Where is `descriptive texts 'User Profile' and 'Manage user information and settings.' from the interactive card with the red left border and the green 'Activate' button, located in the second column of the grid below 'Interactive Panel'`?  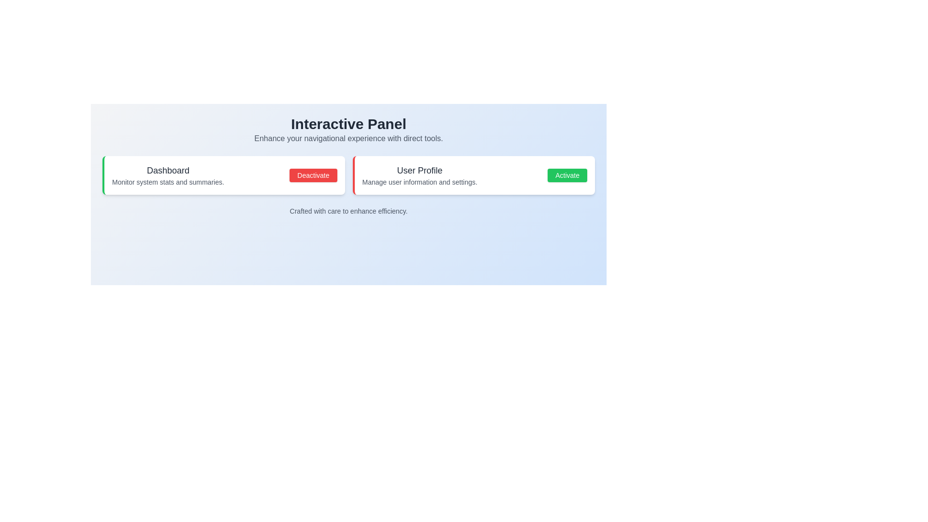 descriptive texts 'User Profile' and 'Manage user information and settings.' from the interactive card with the red left border and the green 'Activate' button, located in the second column of the grid below 'Interactive Panel' is located at coordinates (474, 175).